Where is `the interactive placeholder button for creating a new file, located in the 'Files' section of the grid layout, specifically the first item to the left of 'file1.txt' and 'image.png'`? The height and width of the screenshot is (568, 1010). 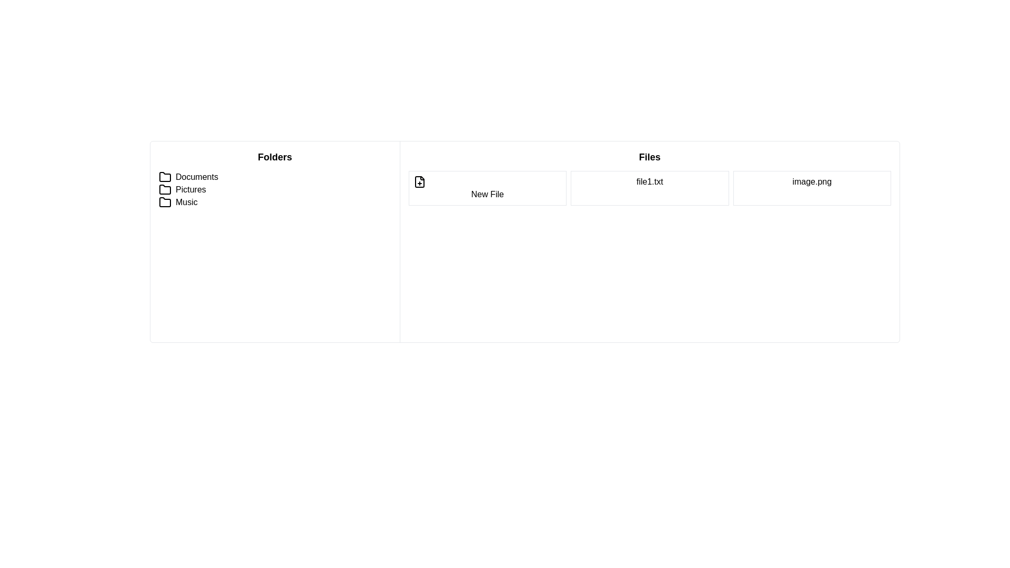 the interactive placeholder button for creating a new file, located in the 'Files' section of the grid layout, specifically the first item to the left of 'file1.txt' and 'image.png' is located at coordinates (487, 188).